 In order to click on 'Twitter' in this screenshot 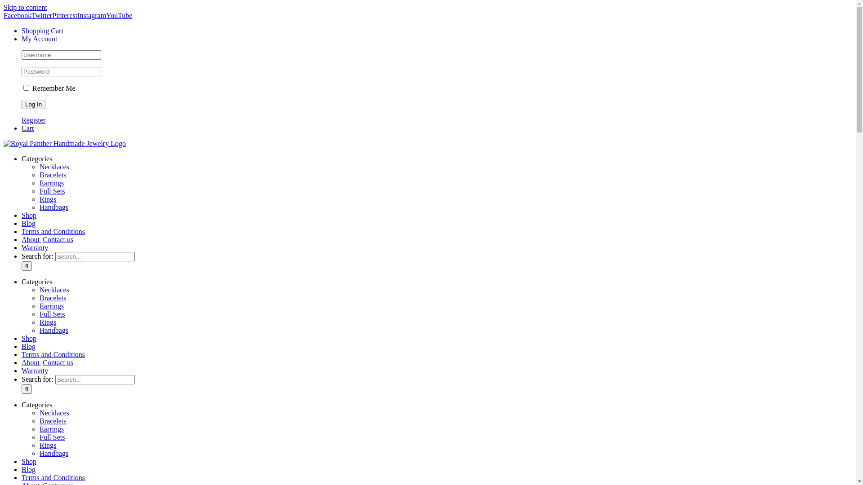, I will do `click(41, 15)`.